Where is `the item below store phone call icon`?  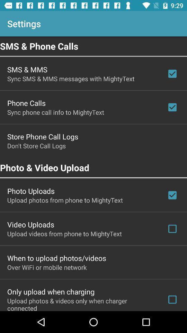 the item below store phone call icon is located at coordinates (36, 145).